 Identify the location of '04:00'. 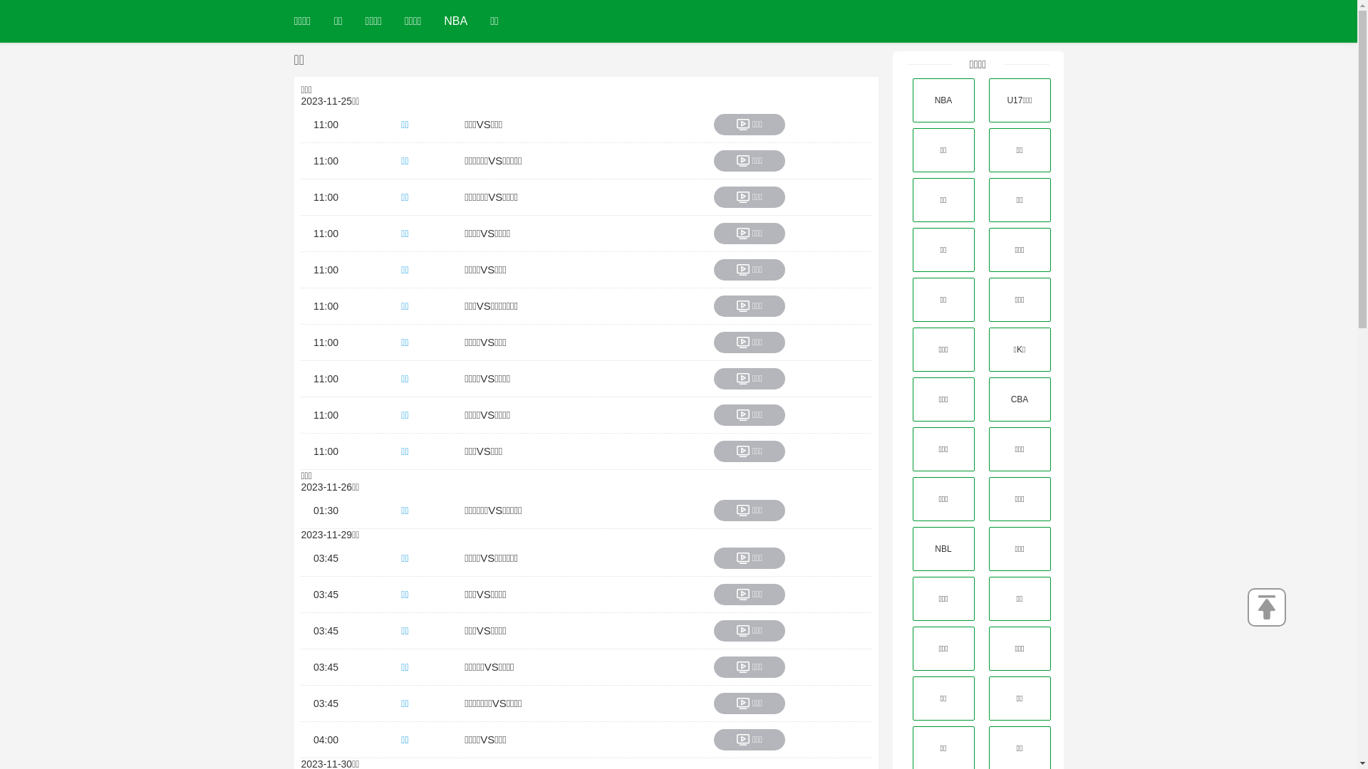
(325, 738).